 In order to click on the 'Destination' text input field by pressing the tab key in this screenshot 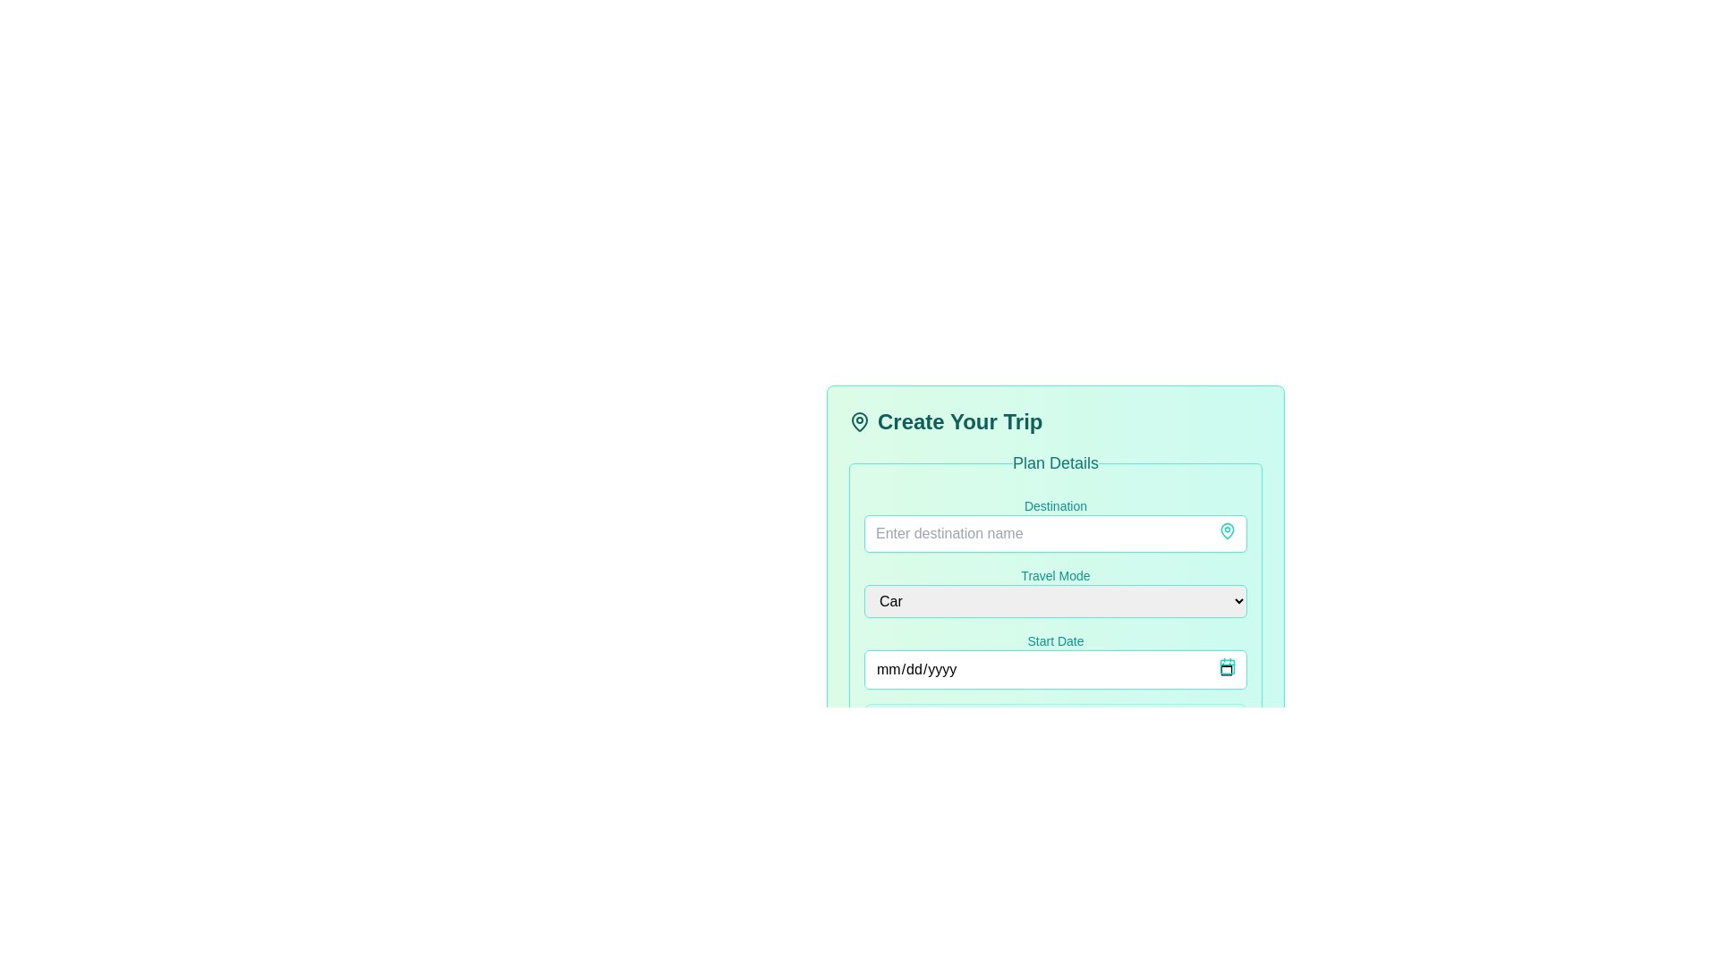, I will do `click(1056, 523)`.